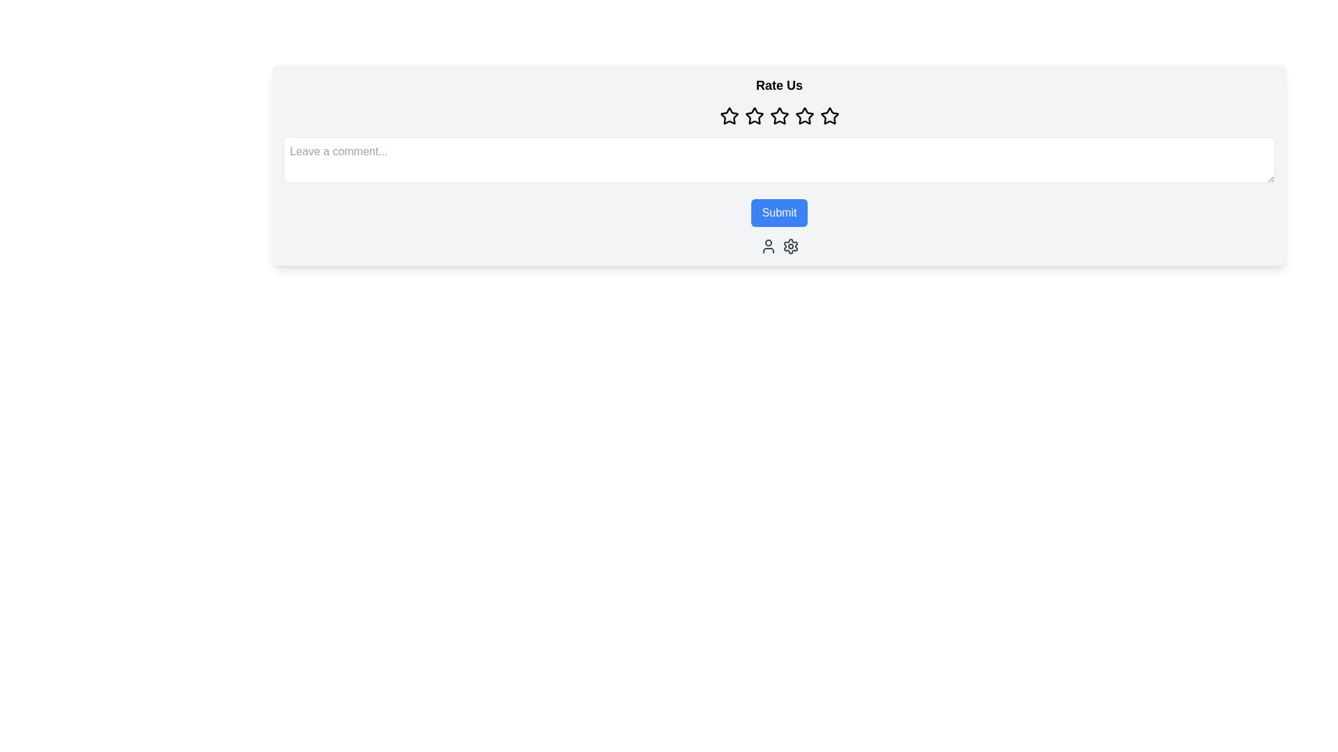  Describe the element at coordinates (778, 115) in the screenshot. I see `the star icon in the Rating component to set the rating, which is located centrally below the 'Rate Us' title and above the input field` at that location.